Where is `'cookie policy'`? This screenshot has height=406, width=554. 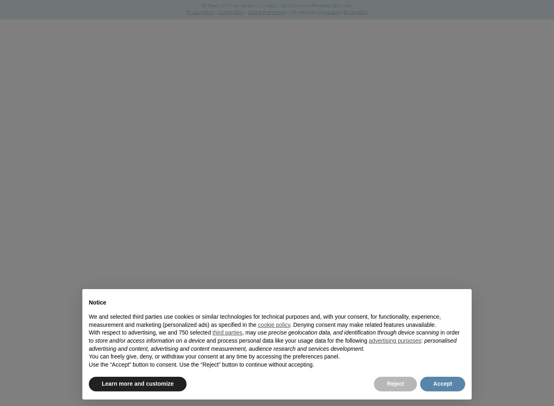 'cookie policy' is located at coordinates (273, 324).